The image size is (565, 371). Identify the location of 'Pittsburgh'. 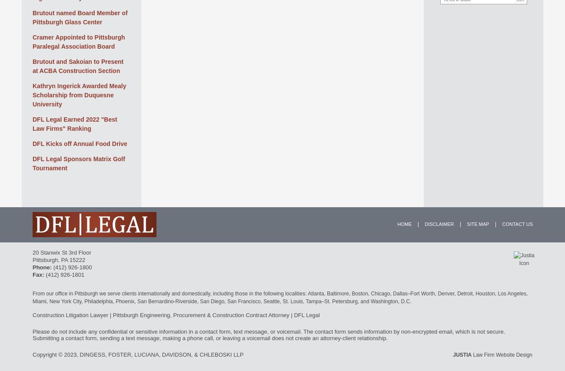
(45, 259).